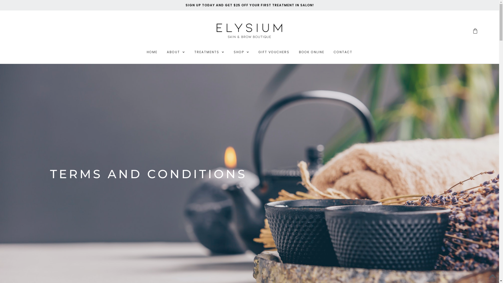 The image size is (503, 283). I want to click on 'TREATMENTS', so click(209, 52).